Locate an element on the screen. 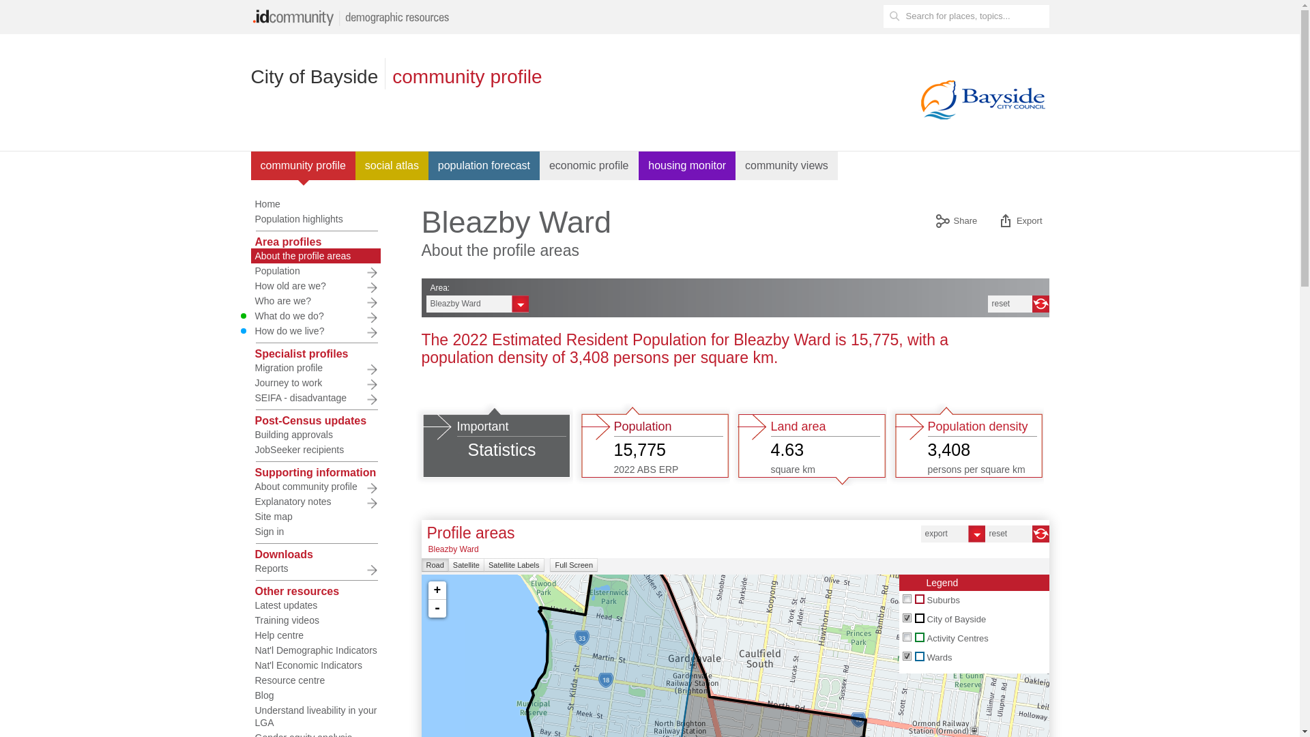 The width and height of the screenshot is (1310, 737). 'Nat'l Demographic Indicators' is located at coordinates (315, 649).